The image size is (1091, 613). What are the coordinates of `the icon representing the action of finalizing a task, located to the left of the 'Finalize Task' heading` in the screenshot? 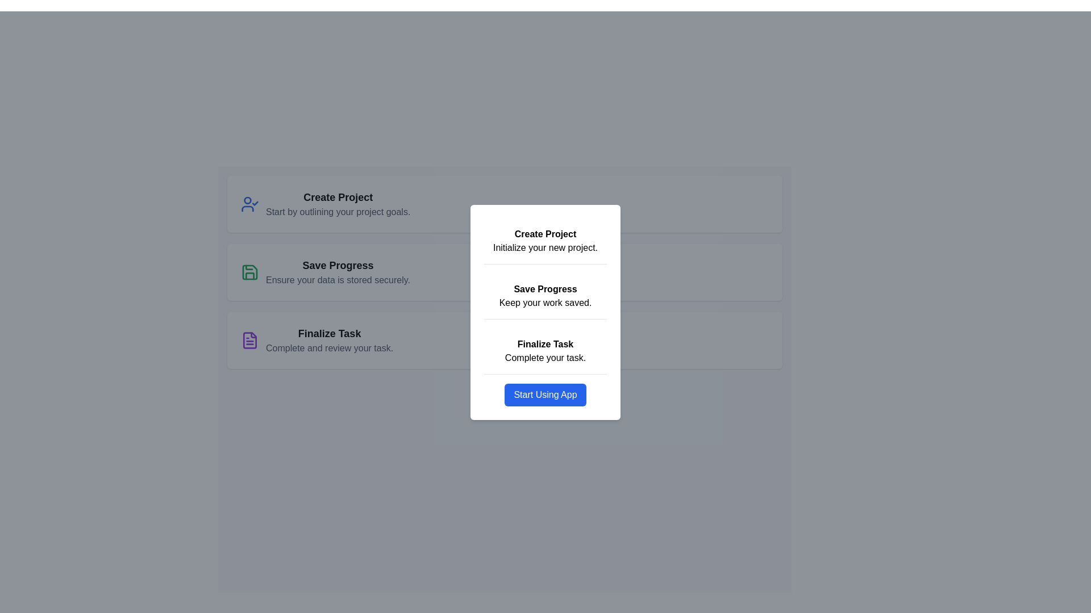 It's located at (249, 340).